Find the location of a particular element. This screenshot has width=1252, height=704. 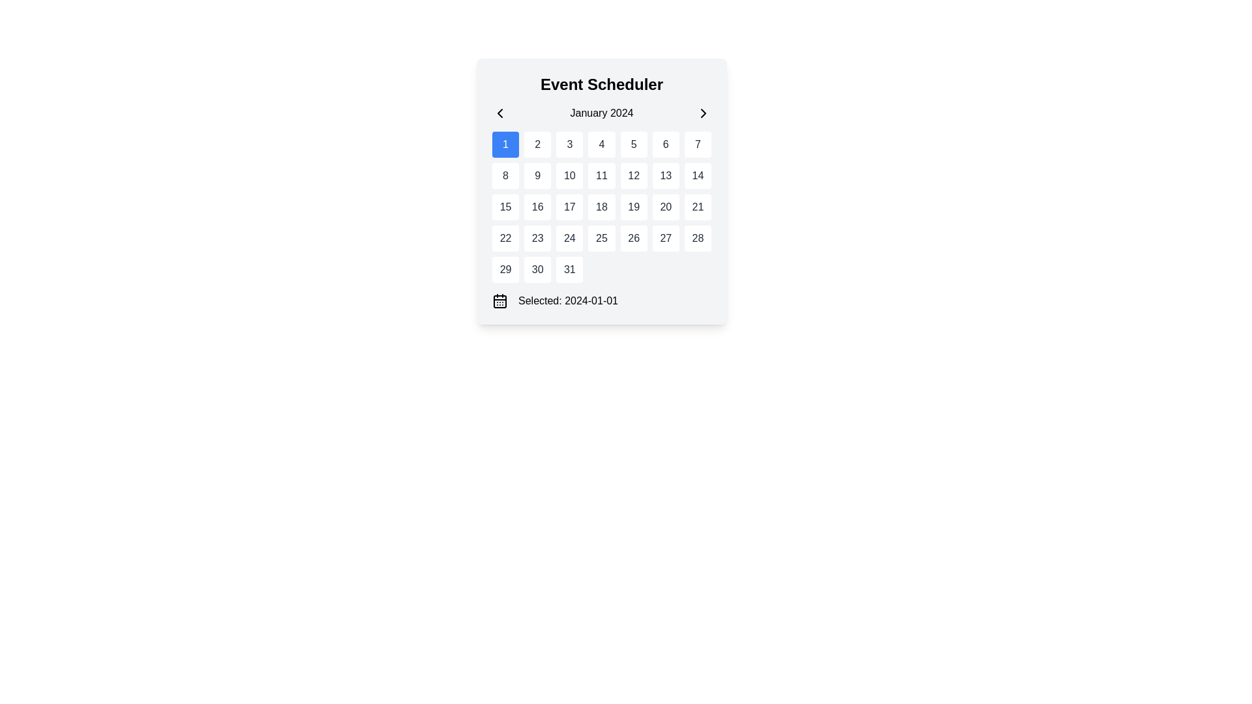

the Text label displaying 'Selected: 2024-01-01' with a calendar icon, located at the bottom of the 'Event Scheduler' widget is located at coordinates (601, 301).